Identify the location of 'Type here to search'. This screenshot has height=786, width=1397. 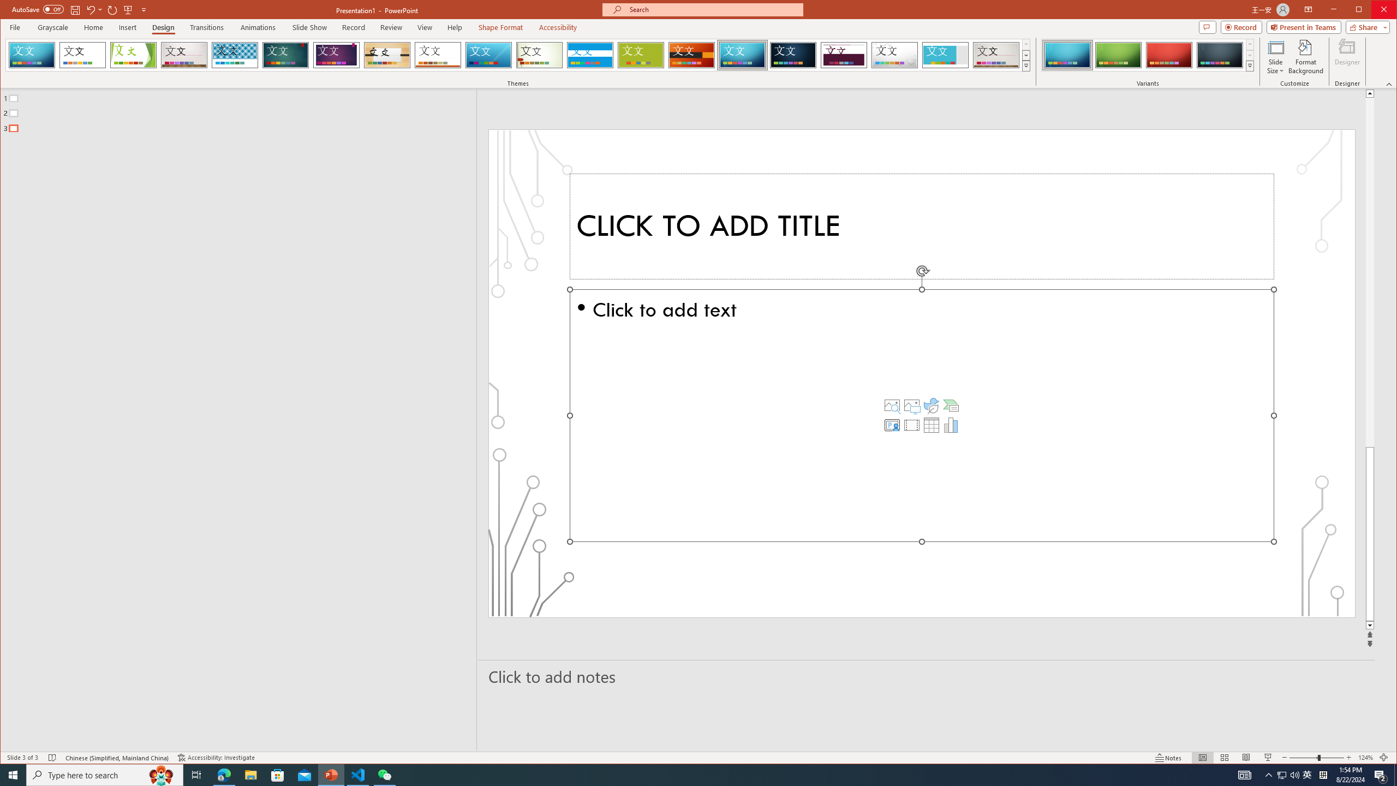
(104, 774).